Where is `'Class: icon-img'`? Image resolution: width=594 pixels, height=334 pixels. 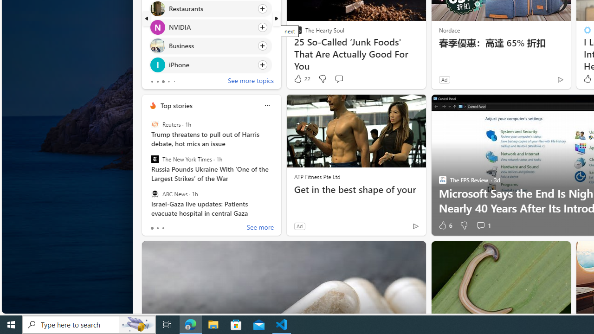
'Class: icon-img' is located at coordinates (266, 105).